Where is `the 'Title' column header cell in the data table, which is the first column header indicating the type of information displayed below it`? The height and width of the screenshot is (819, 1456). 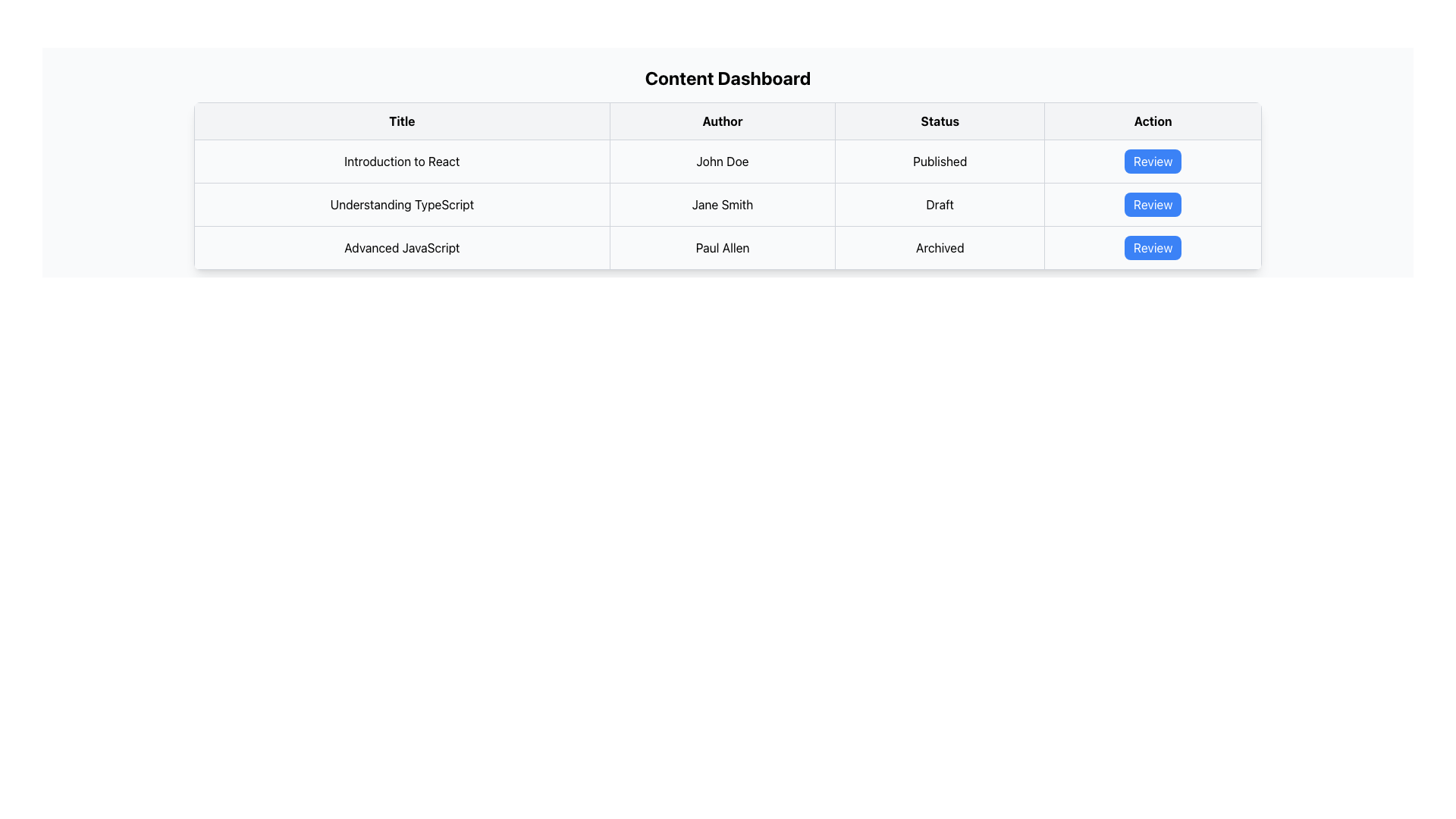
the 'Title' column header cell in the data table, which is the first column header indicating the type of information displayed below it is located at coordinates (402, 120).